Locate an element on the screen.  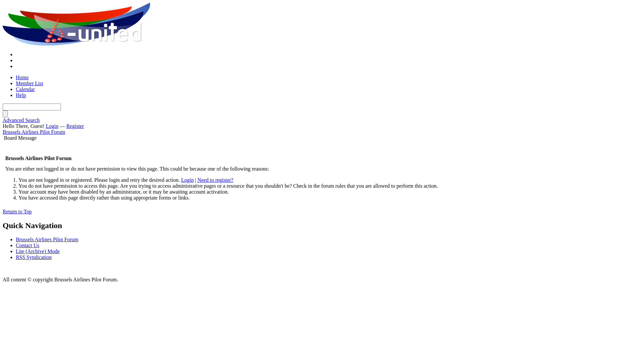
'Contact Us' is located at coordinates (27, 245).